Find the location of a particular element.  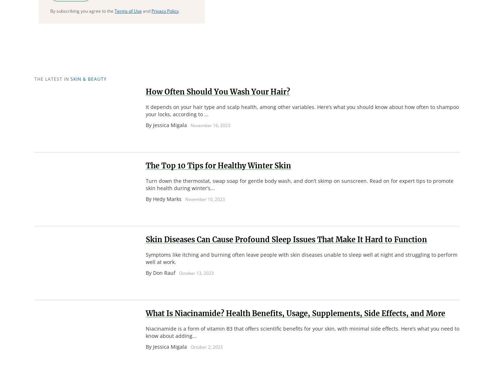

'Skin Diseases Can Cause Profound Sleep Issues That Make It Hard to Function' is located at coordinates (286, 239).